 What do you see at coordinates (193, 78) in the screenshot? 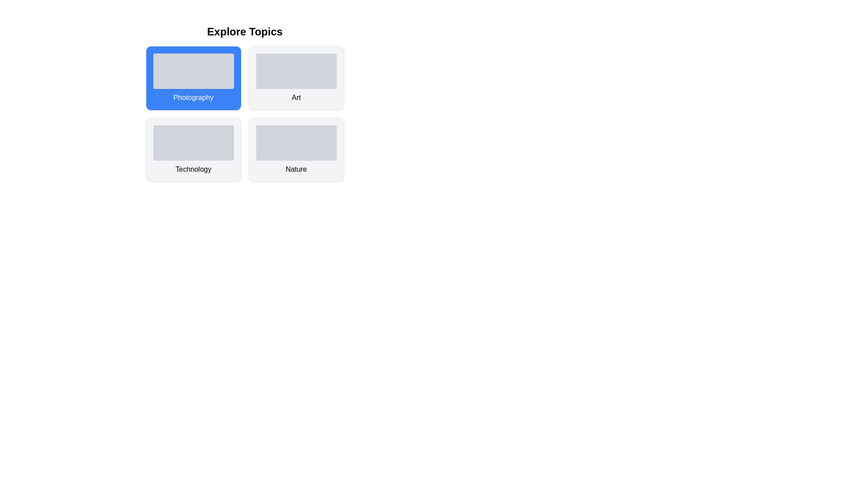
I see `the card labeled Photography` at bounding box center [193, 78].